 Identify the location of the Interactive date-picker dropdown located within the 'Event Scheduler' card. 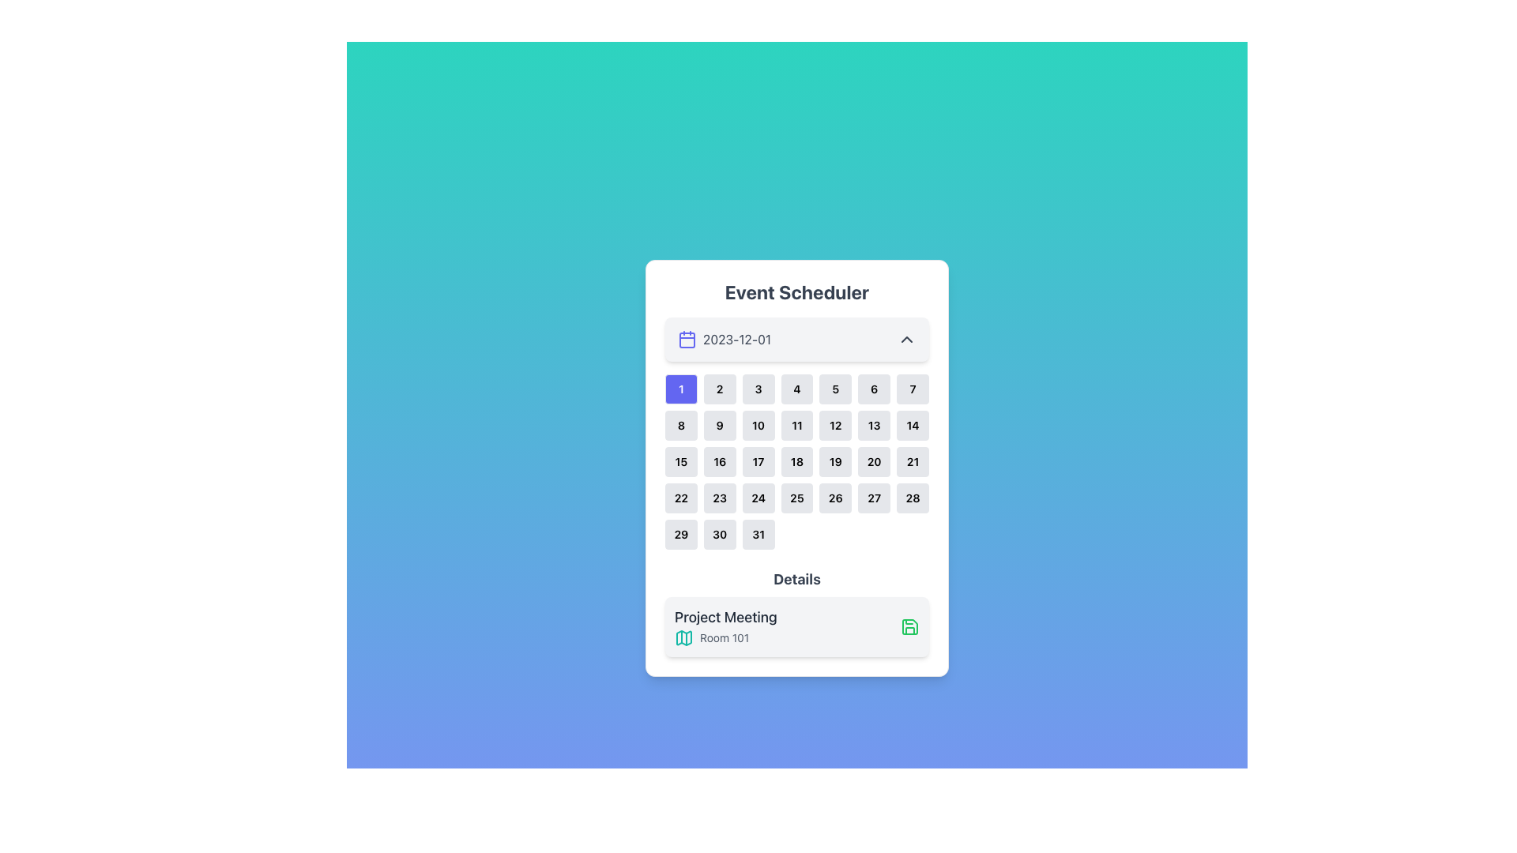
(796, 338).